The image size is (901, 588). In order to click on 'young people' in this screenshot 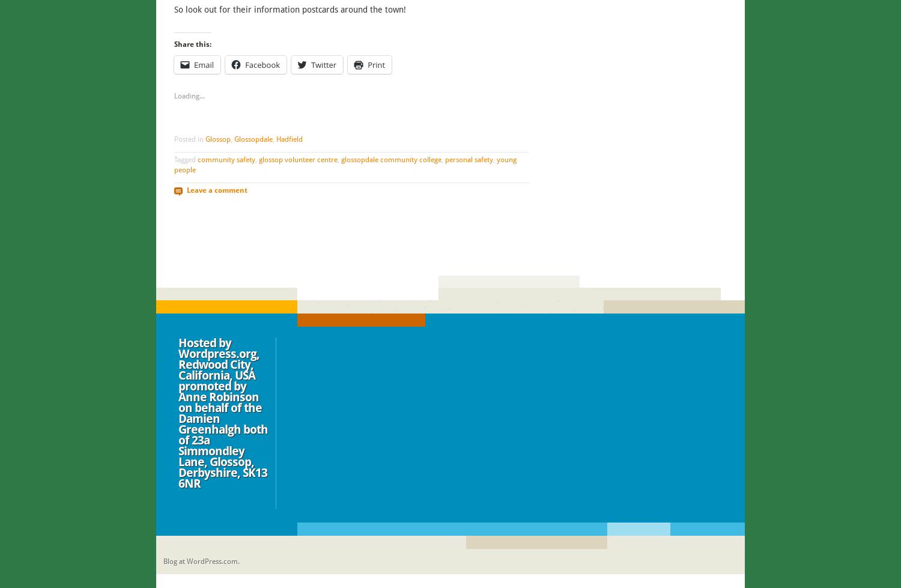, I will do `click(344, 165)`.